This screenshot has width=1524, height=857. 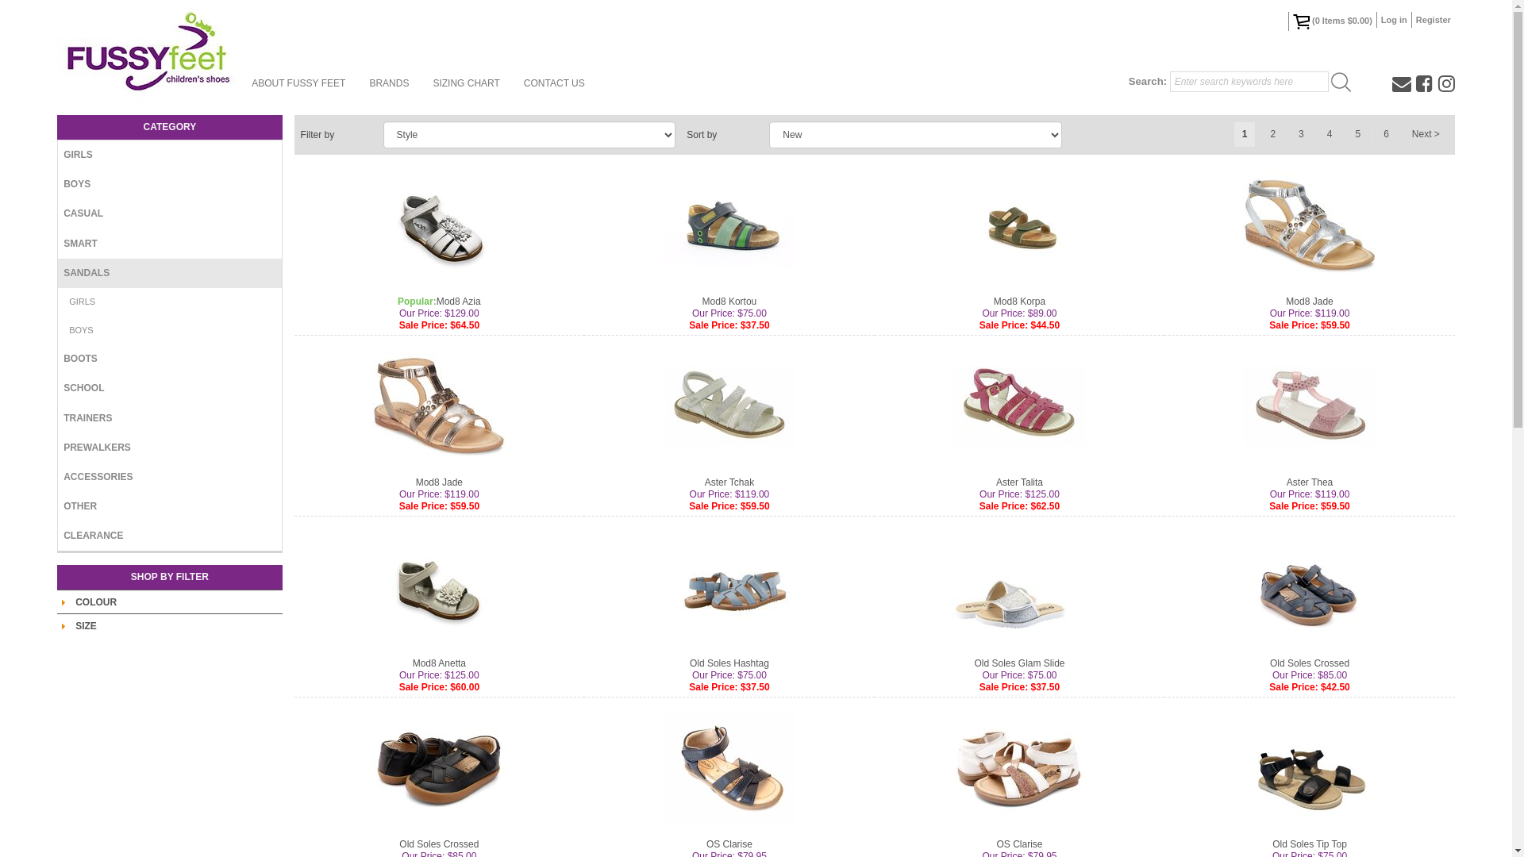 I want to click on 'CONTACT US', so click(x=511, y=83).